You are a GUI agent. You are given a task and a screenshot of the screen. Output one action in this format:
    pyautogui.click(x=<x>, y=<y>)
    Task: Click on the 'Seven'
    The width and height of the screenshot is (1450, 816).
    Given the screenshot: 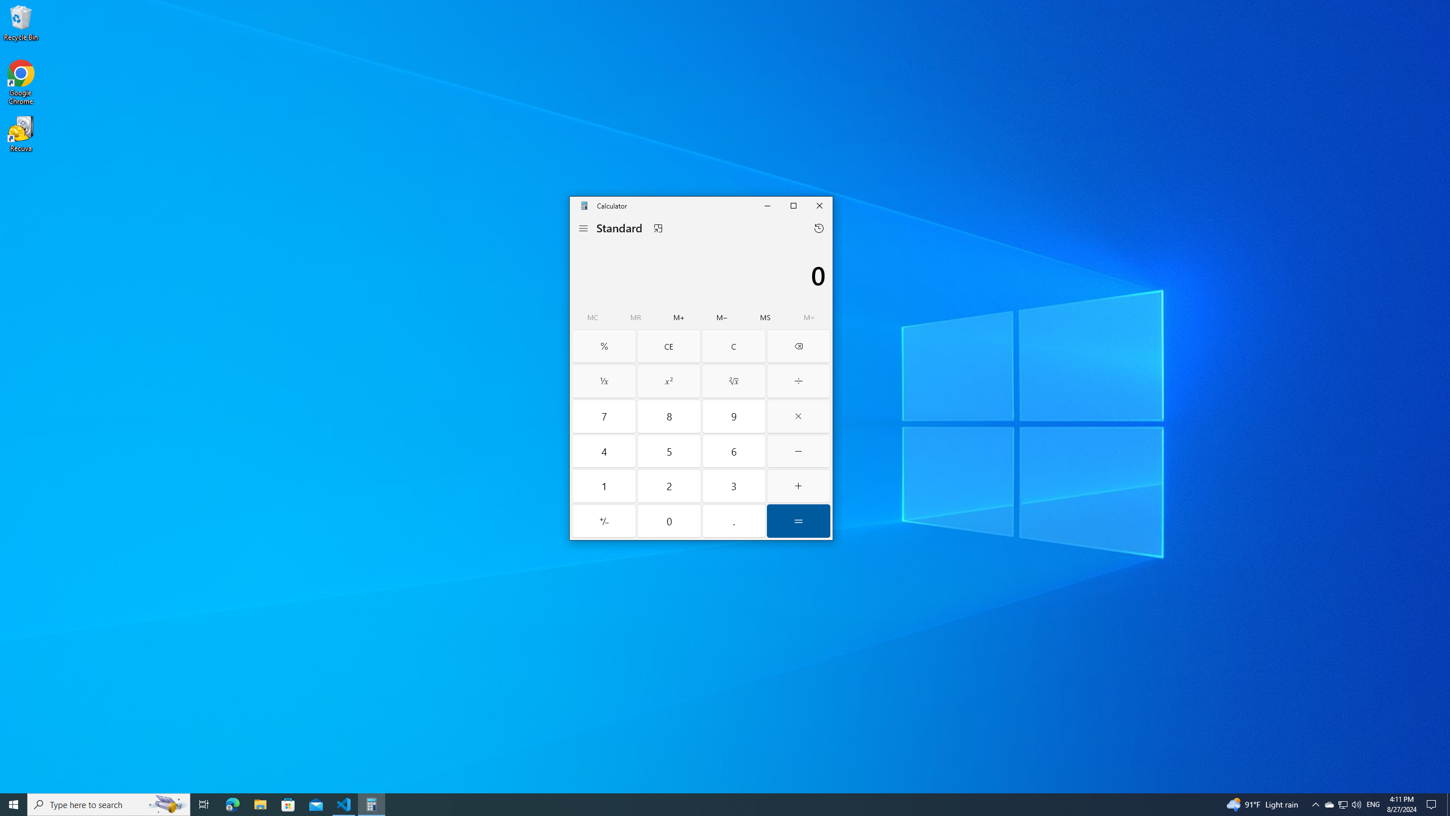 What is the action you would take?
    pyautogui.click(x=604, y=416)
    